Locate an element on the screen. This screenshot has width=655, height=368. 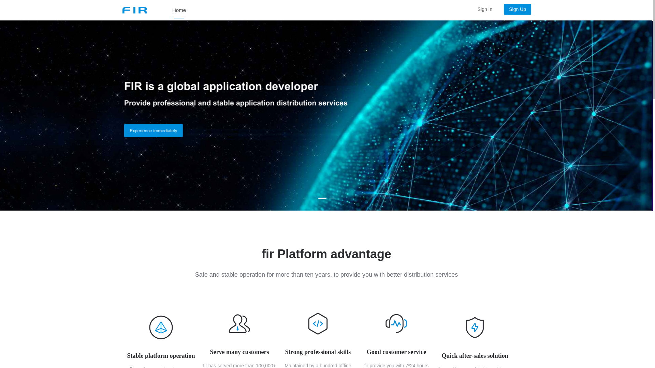
'Sign Up' is located at coordinates (517, 9).